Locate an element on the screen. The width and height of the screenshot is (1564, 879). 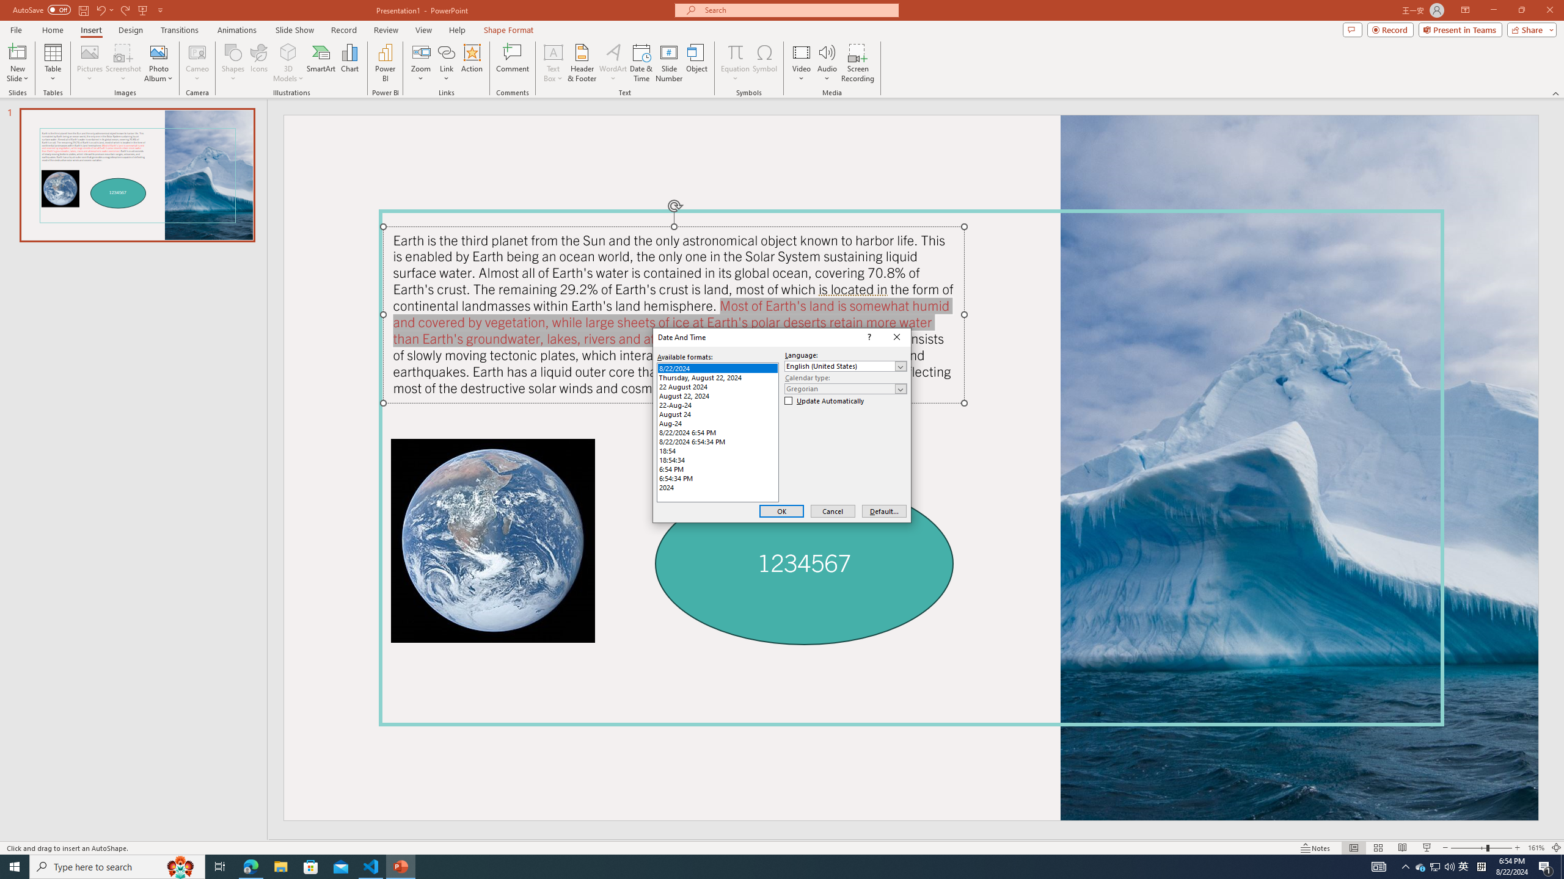
'6:54:34 PM' is located at coordinates (717, 477).